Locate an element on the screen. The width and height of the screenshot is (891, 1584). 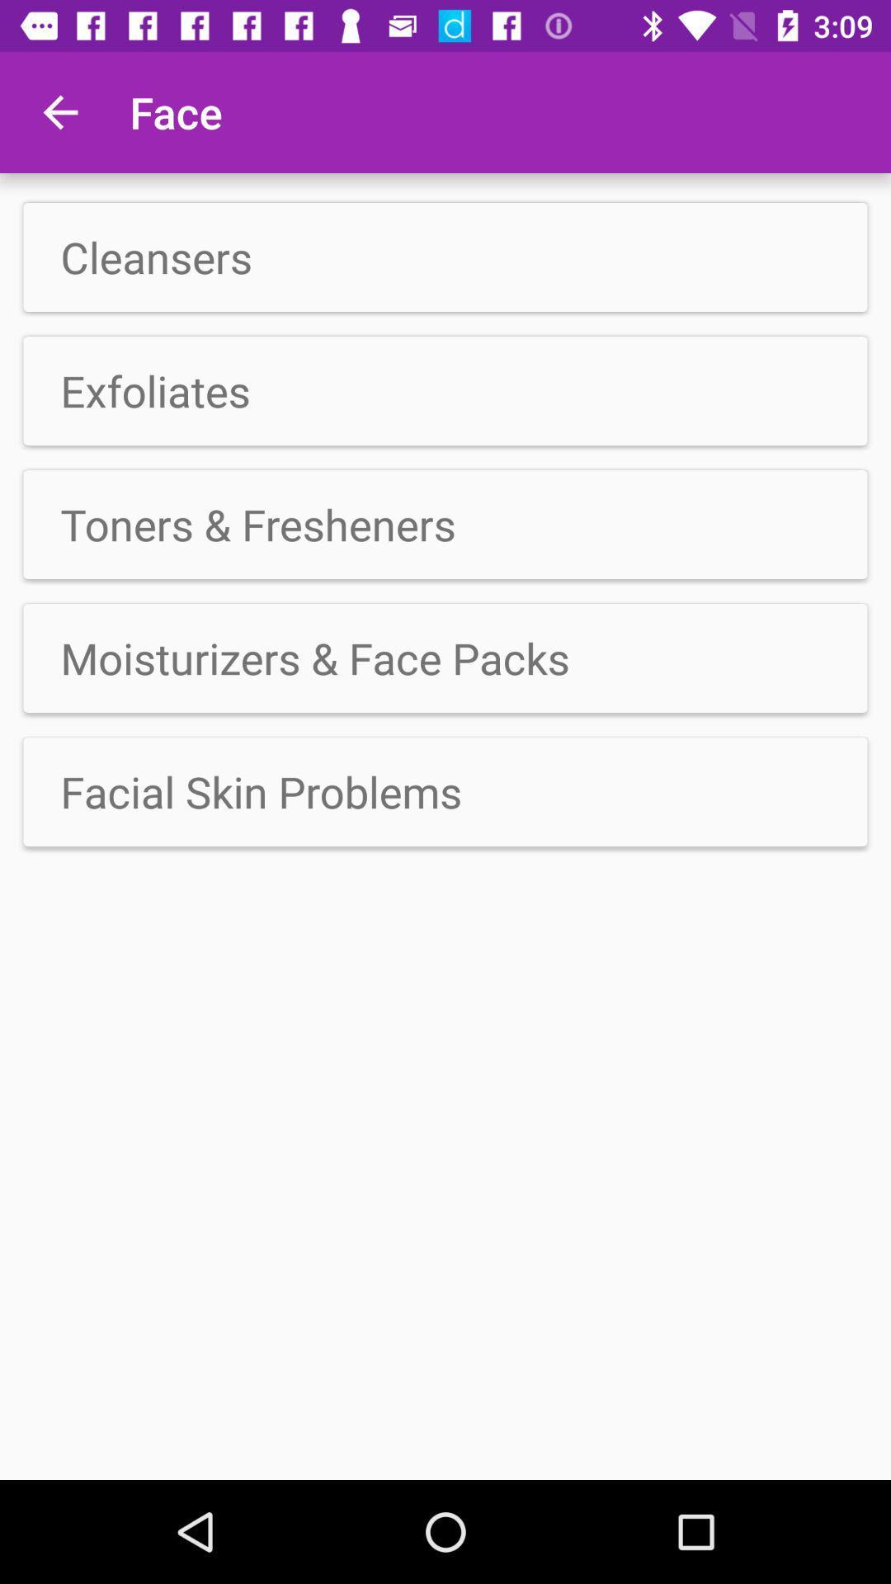
moisturizers & face packs item is located at coordinates (445, 657).